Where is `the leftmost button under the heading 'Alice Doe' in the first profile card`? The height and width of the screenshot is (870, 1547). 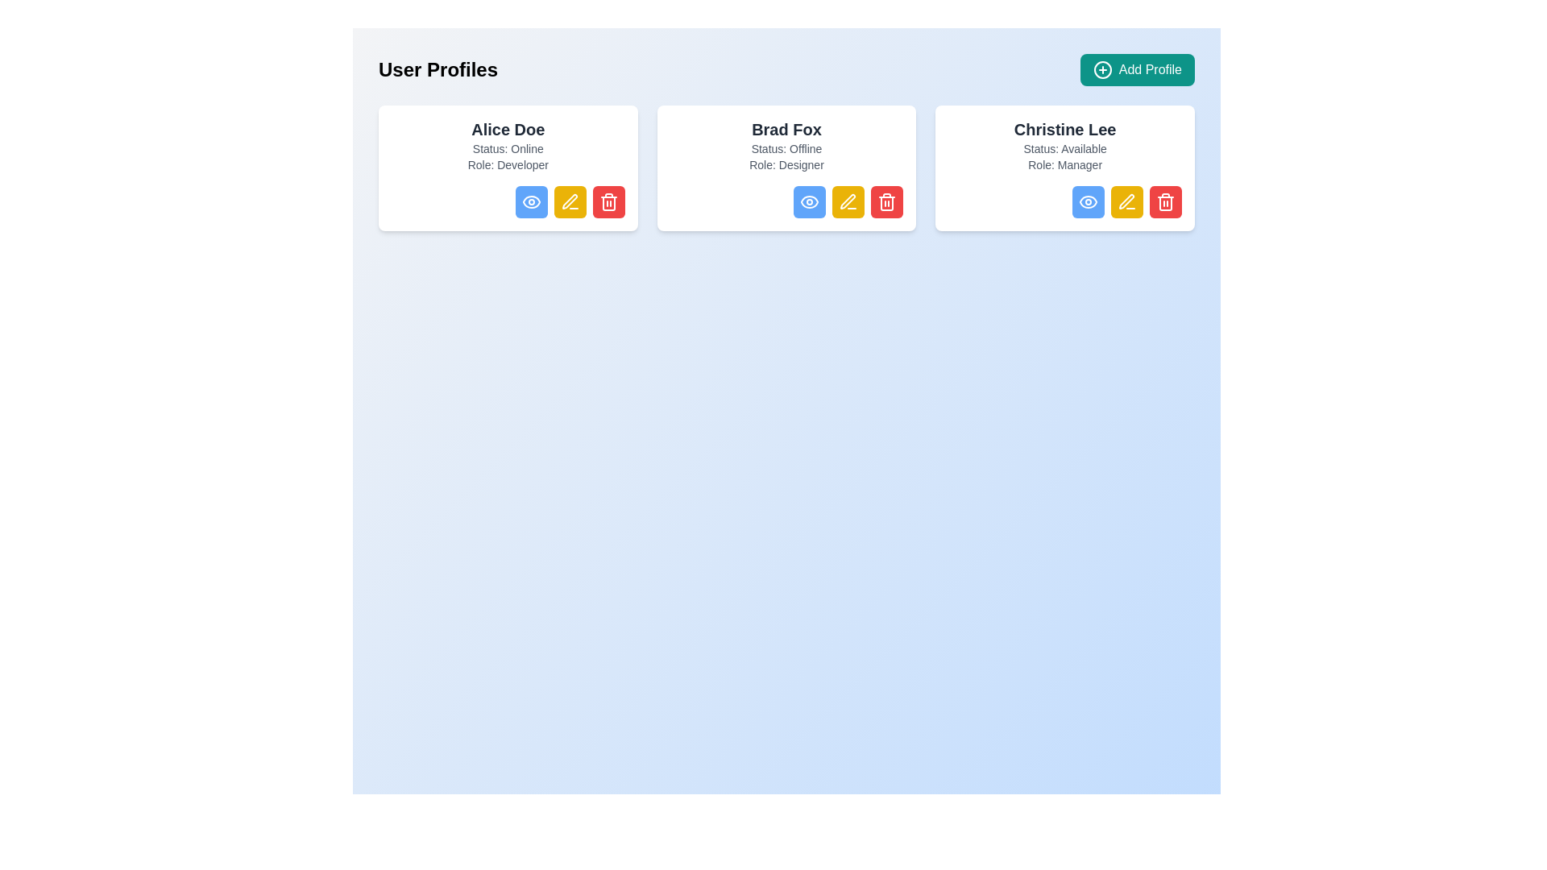
the leftmost button under the heading 'Alice Doe' in the first profile card is located at coordinates (531, 201).